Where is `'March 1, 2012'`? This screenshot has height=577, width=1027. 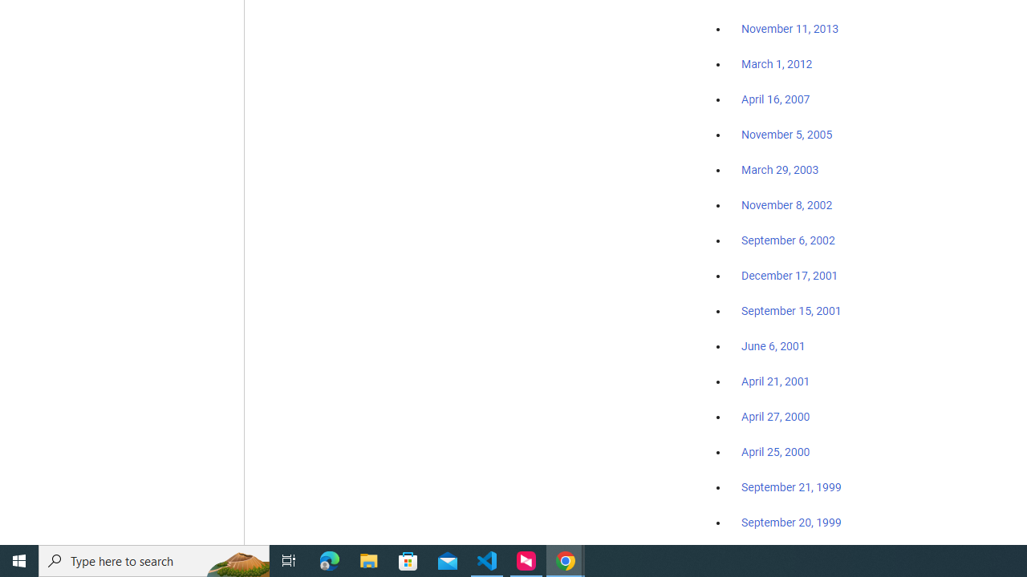
'March 1, 2012' is located at coordinates (777, 64).